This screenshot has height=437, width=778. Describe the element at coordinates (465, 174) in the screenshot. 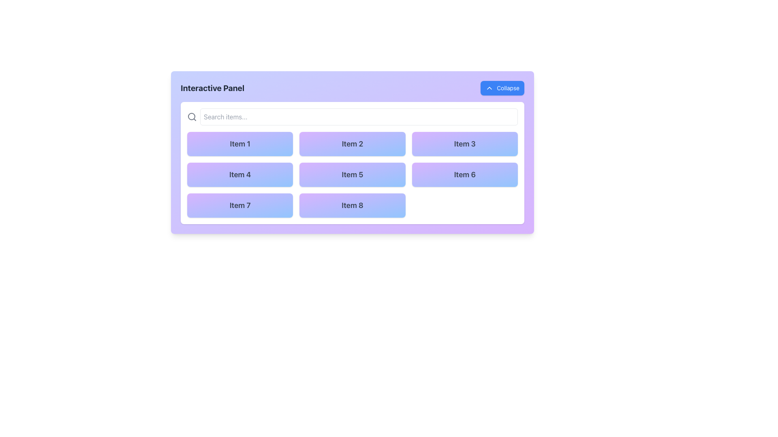

I see `the button labeled 'Item 6', which is a rectangular button with a gradient background from blue to purple and a rounded border, positioned in the third column of the second row of a grid layout` at that location.